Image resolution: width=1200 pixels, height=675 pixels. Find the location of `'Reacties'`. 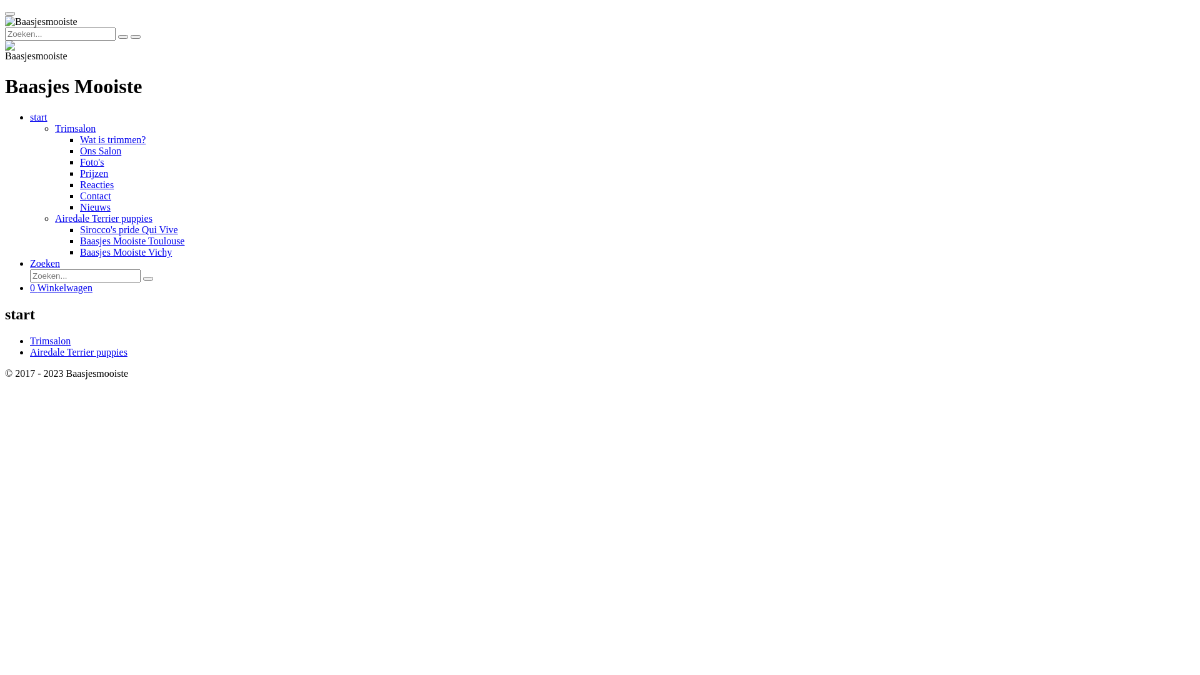

'Reacties' is located at coordinates (96, 184).